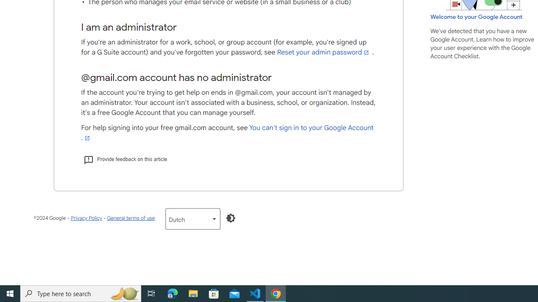  Describe the element at coordinates (323, 52) in the screenshot. I see `'Reset your admin password'` at that location.